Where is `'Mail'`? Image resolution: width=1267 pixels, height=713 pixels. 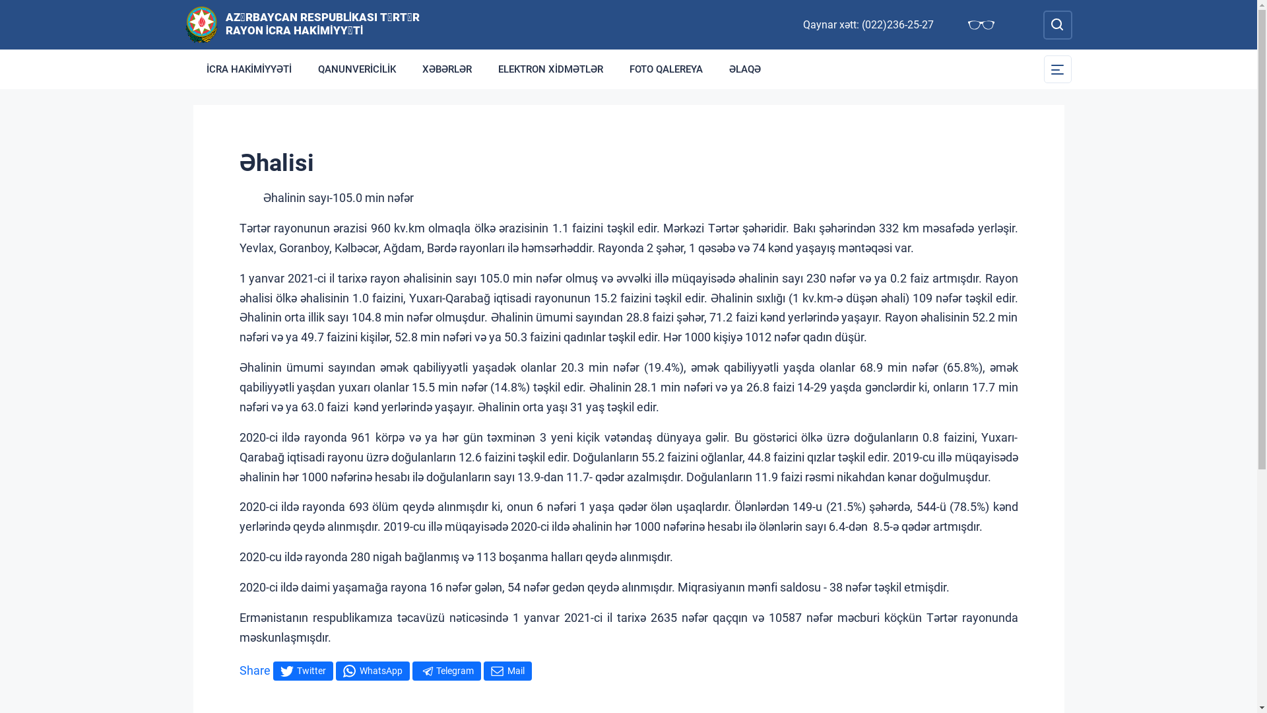 'Mail' is located at coordinates (482, 671).